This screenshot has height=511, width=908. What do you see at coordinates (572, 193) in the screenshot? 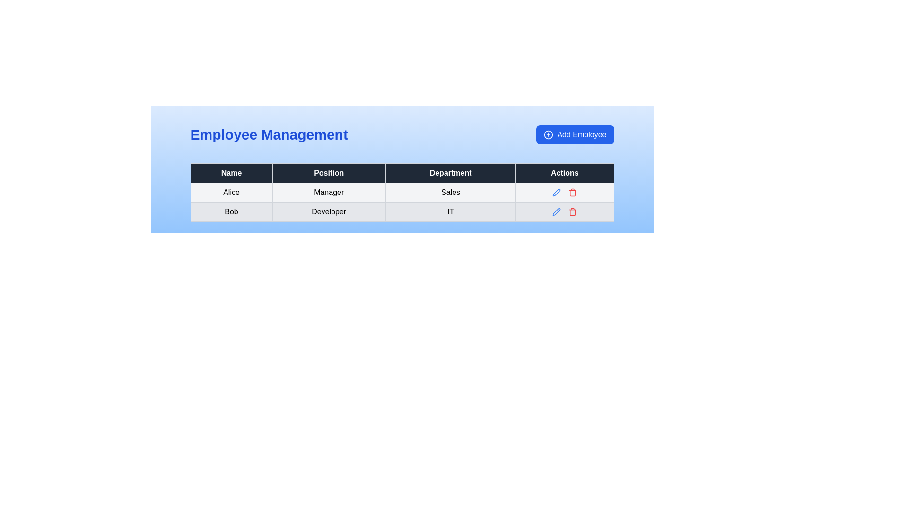
I see `the trash can icon located in the 'Actions' column of the user management table, specifically in the second row` at bounding box center [572, 193].